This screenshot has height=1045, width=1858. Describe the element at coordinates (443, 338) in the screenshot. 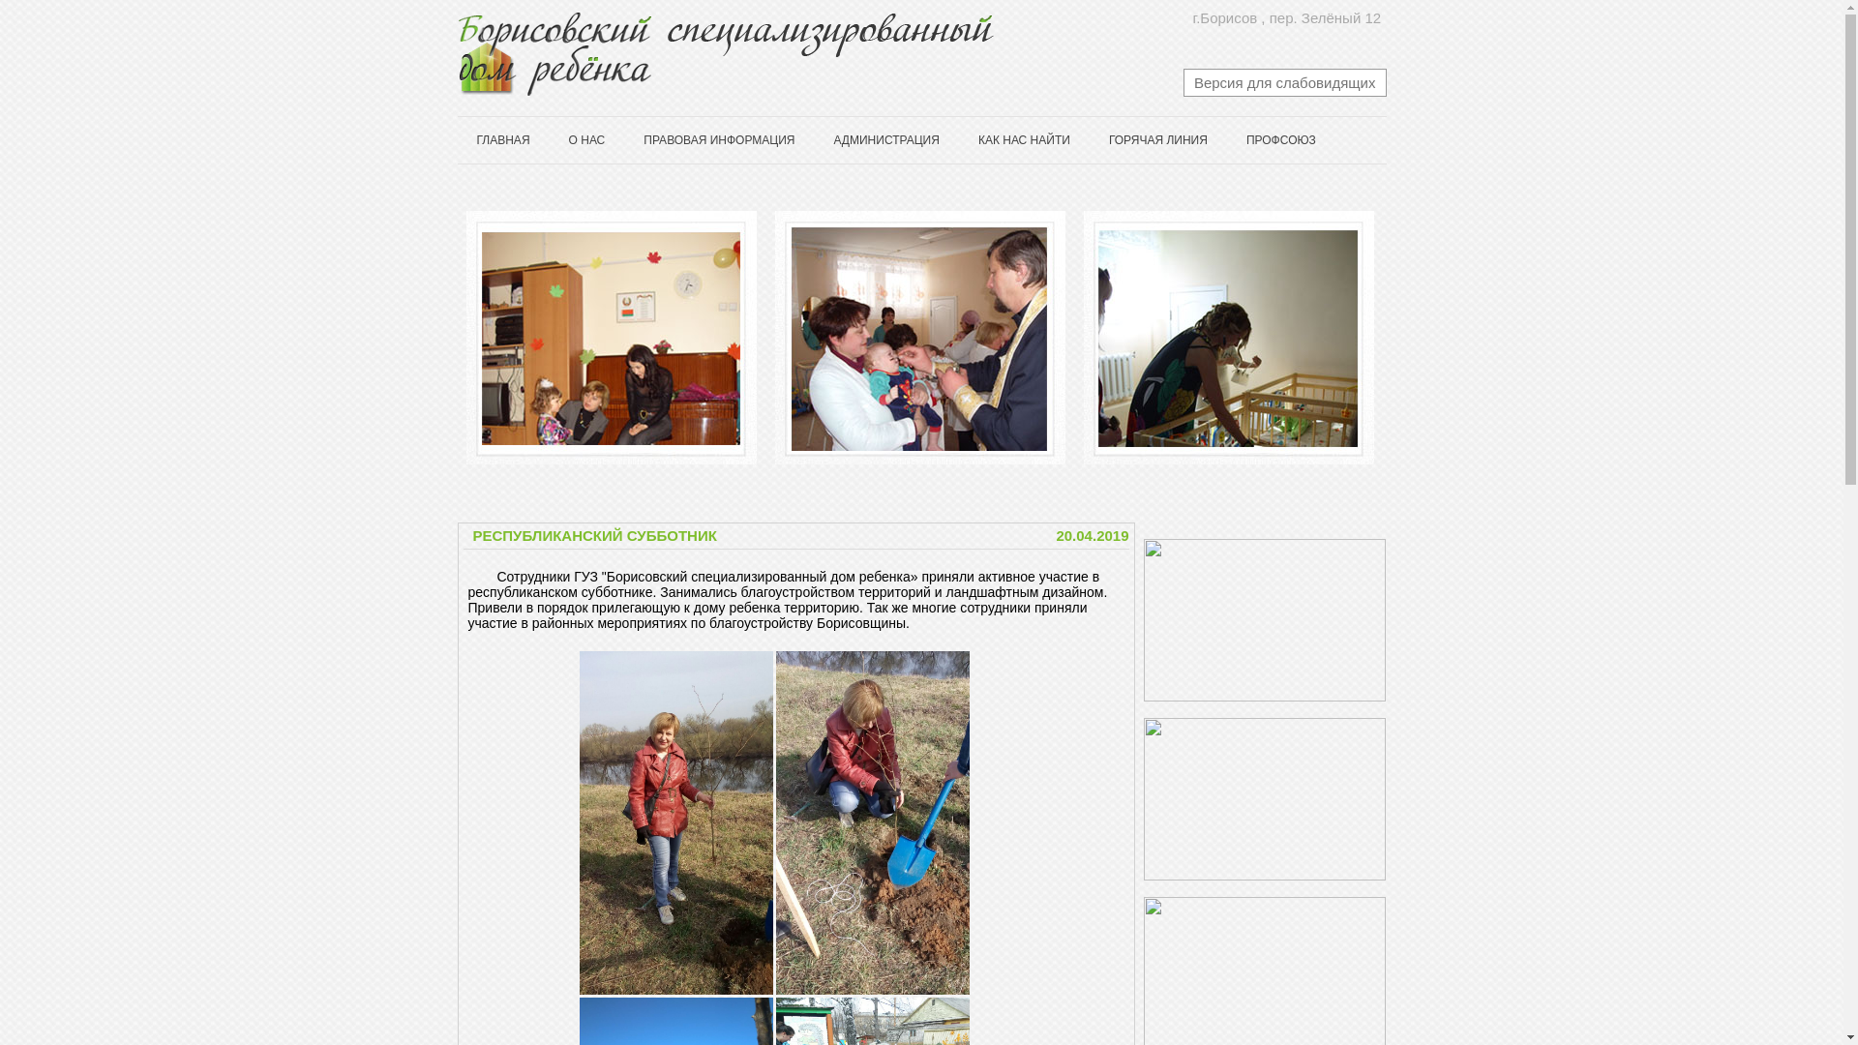

I see `'<'` at that location.